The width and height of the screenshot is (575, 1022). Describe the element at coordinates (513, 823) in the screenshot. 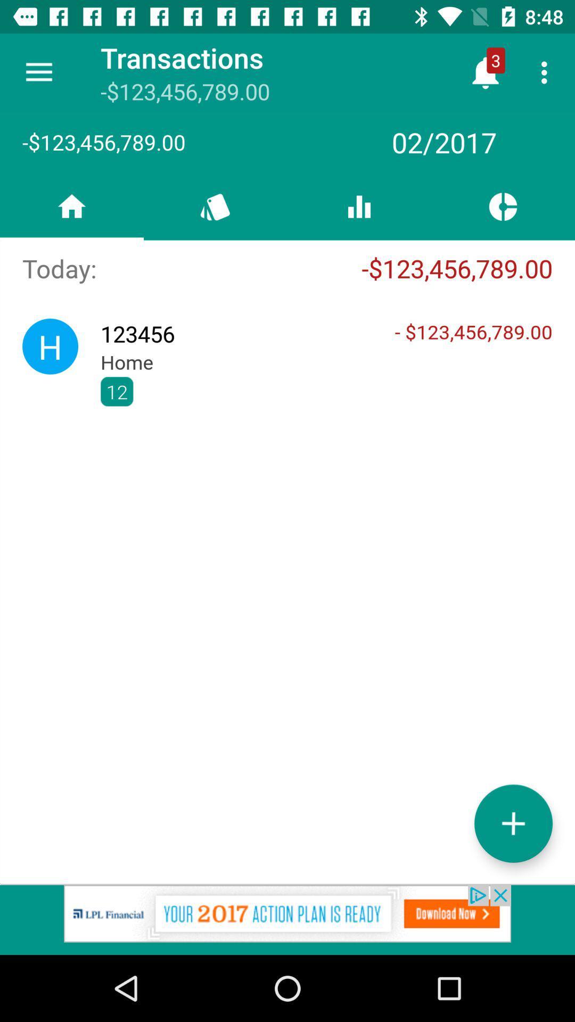

I see `the add icon` at that location.